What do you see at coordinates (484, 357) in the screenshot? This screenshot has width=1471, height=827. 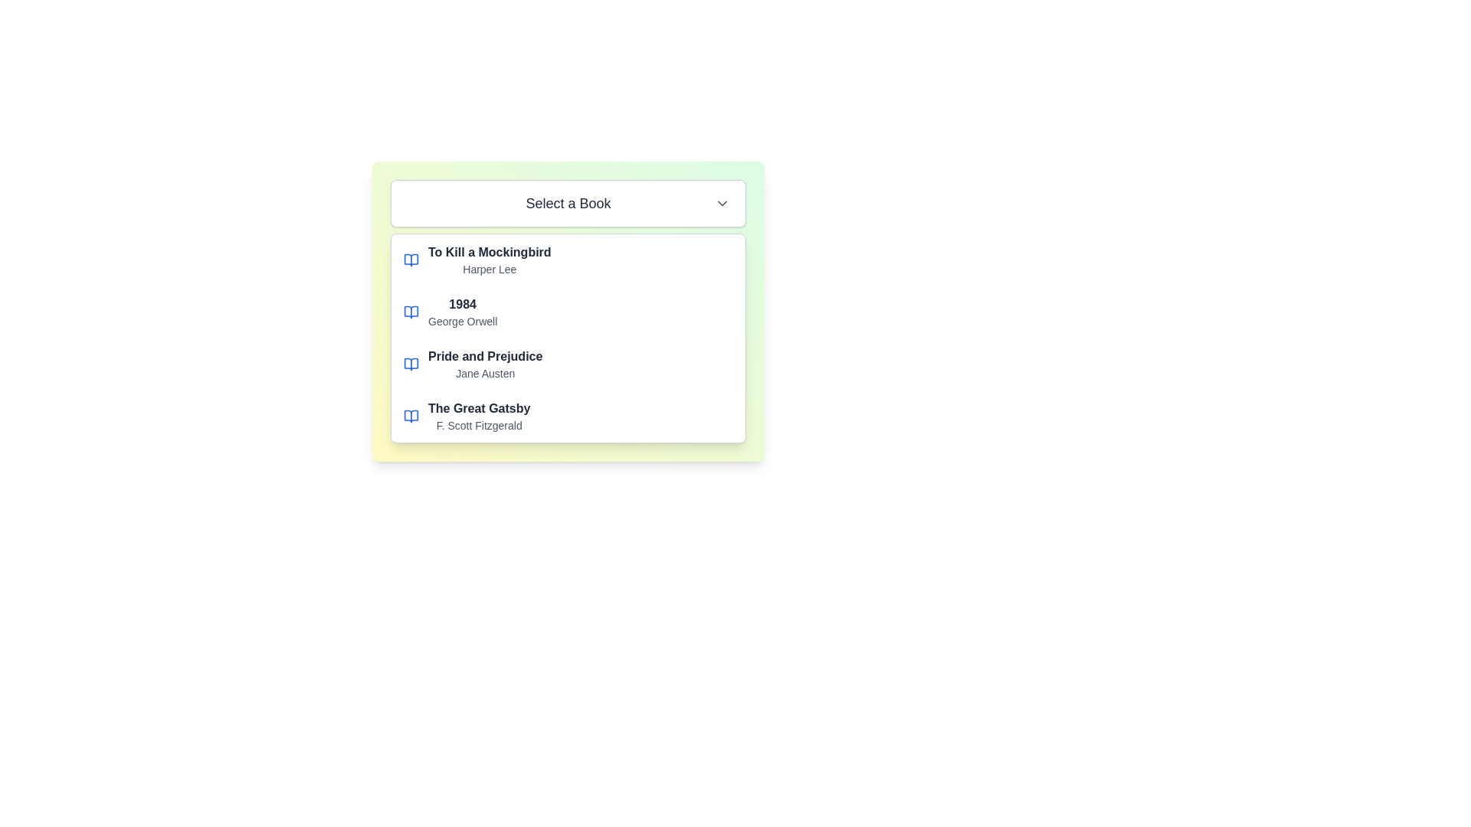 I see `the text label displaying the title of the book 'Pride and Prejudice' within the dropdown menu` at bounding box center [484, 357].